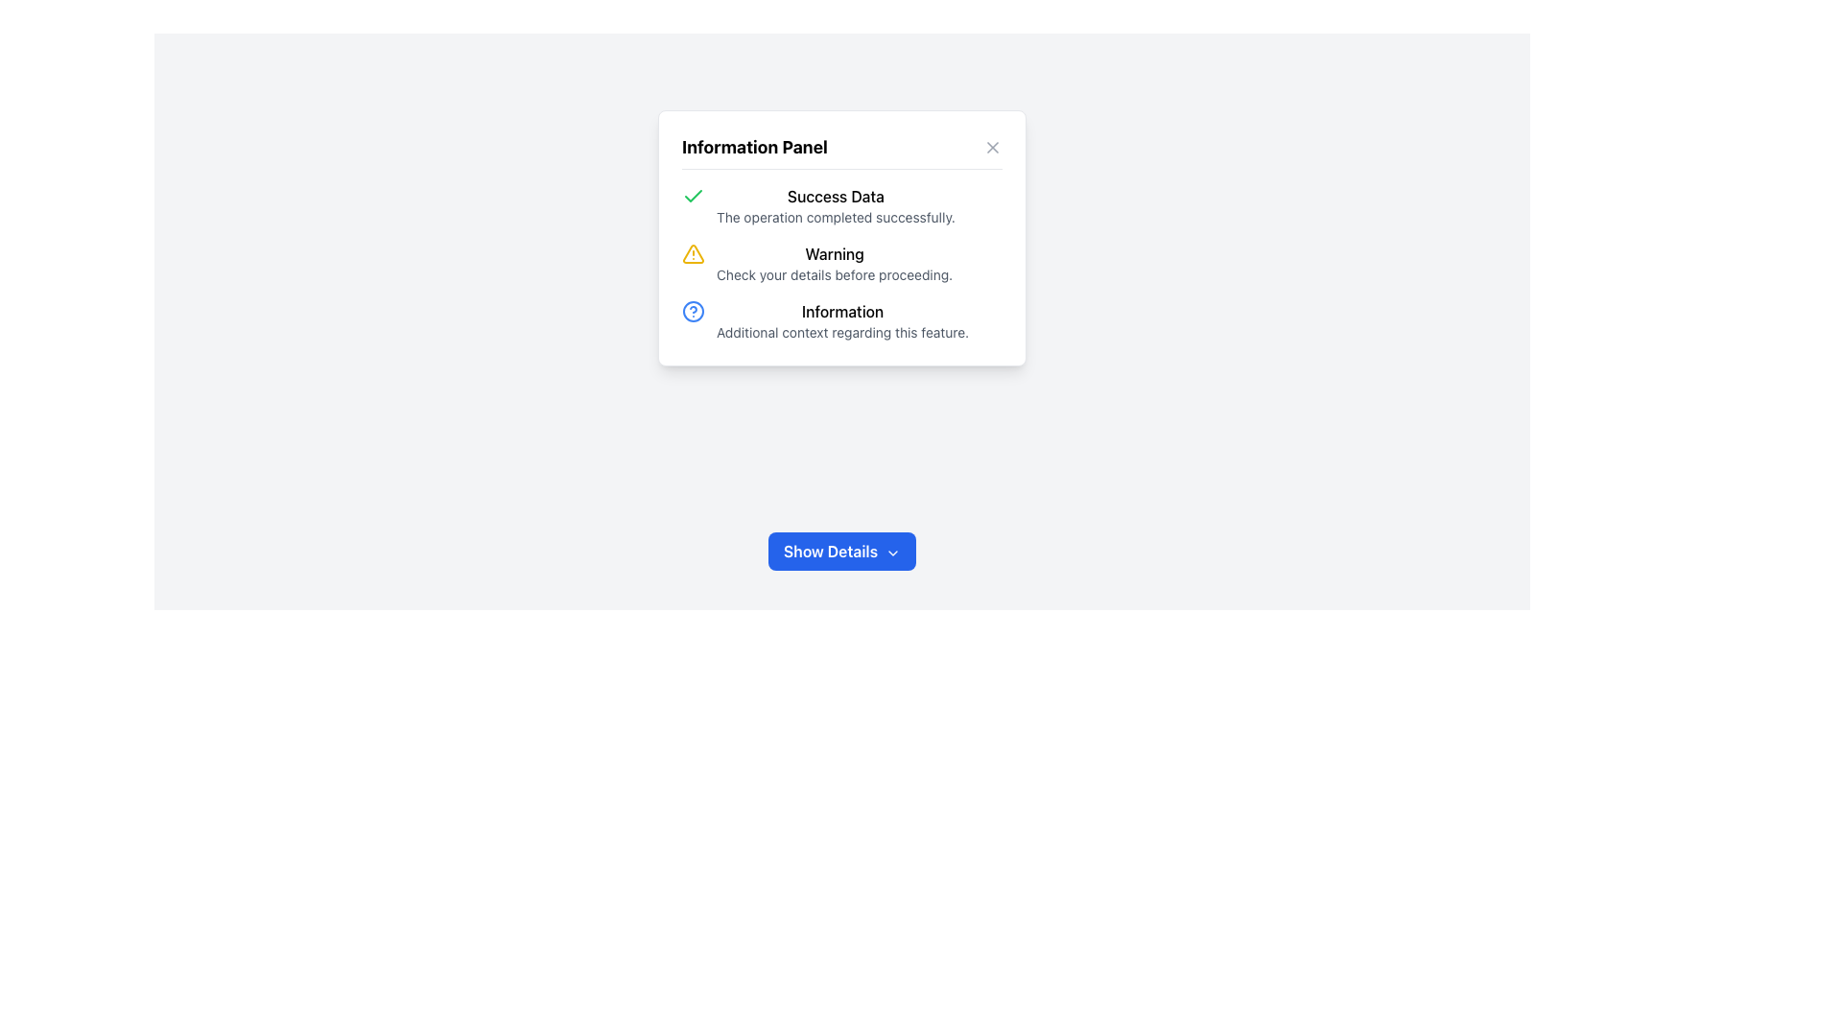 The image size is (1842, 1036). I want to click on the text element that reads 'The operation completed successfully.' located beneath 'Success Data' in the 'Information Panel', so click(836, 217).